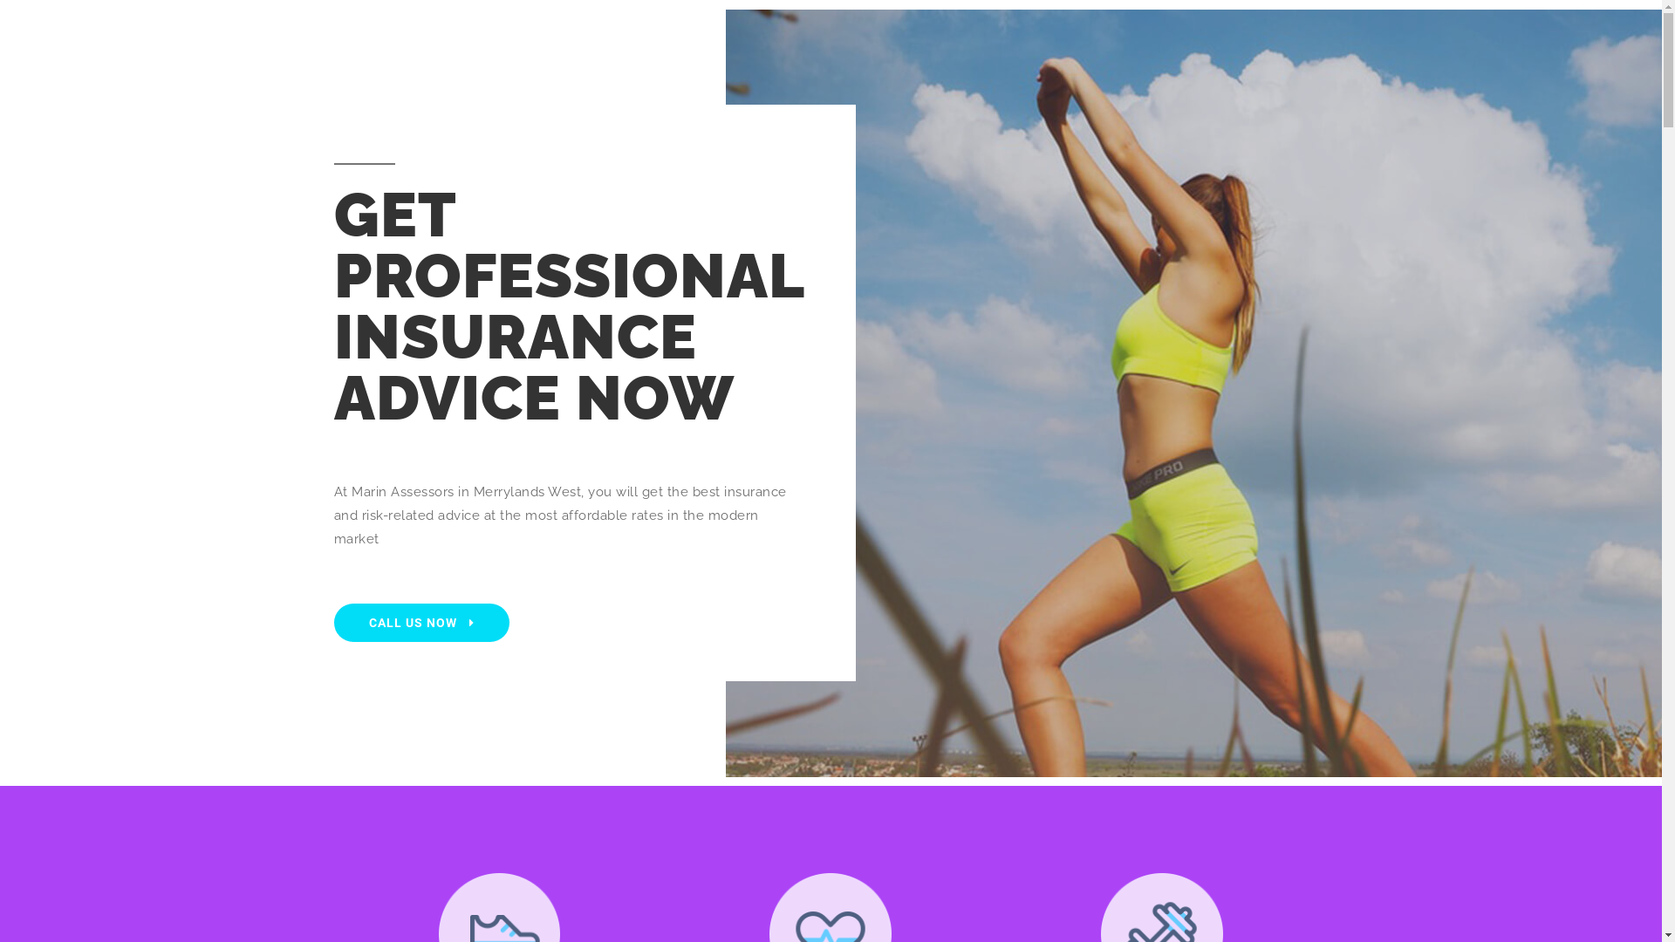 This screenshot has height=942, width=1675. What do you see at coordinates (333, 621) in the screenshot?
I see `'CALL US NOW'` at bounding box center [333, 621].